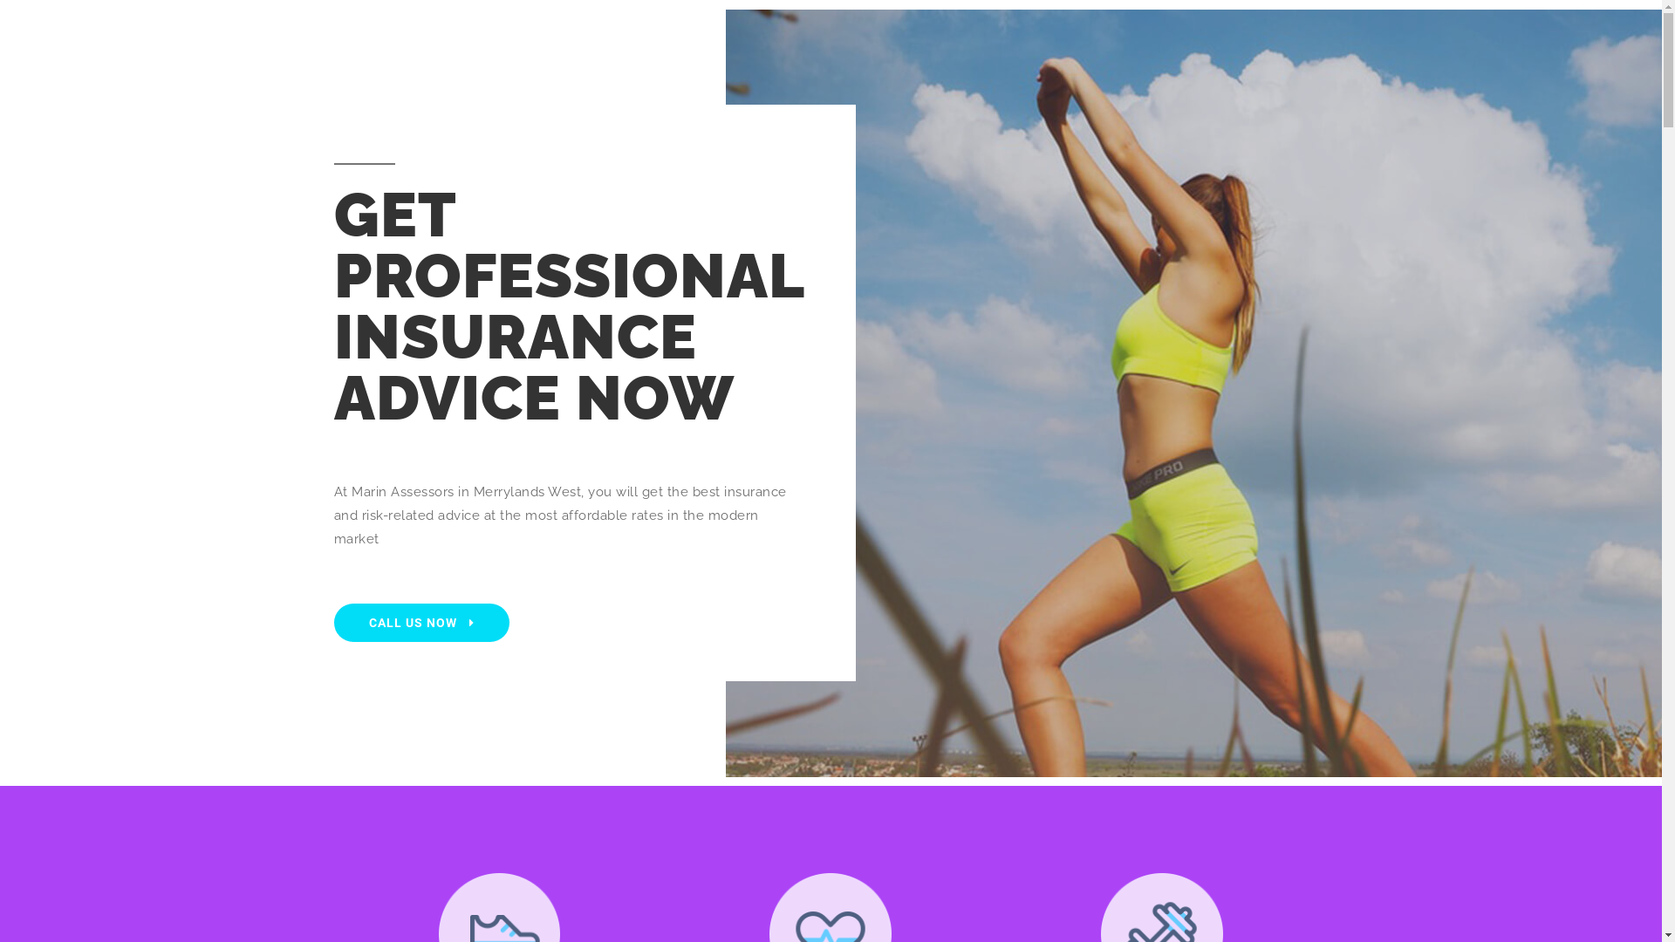 This screenshot has height=942, width=1675. What do you see at coordinates (333, 621) in the screenshot?
I see `'CALL US NOW'` at bounding box center [333, 621].